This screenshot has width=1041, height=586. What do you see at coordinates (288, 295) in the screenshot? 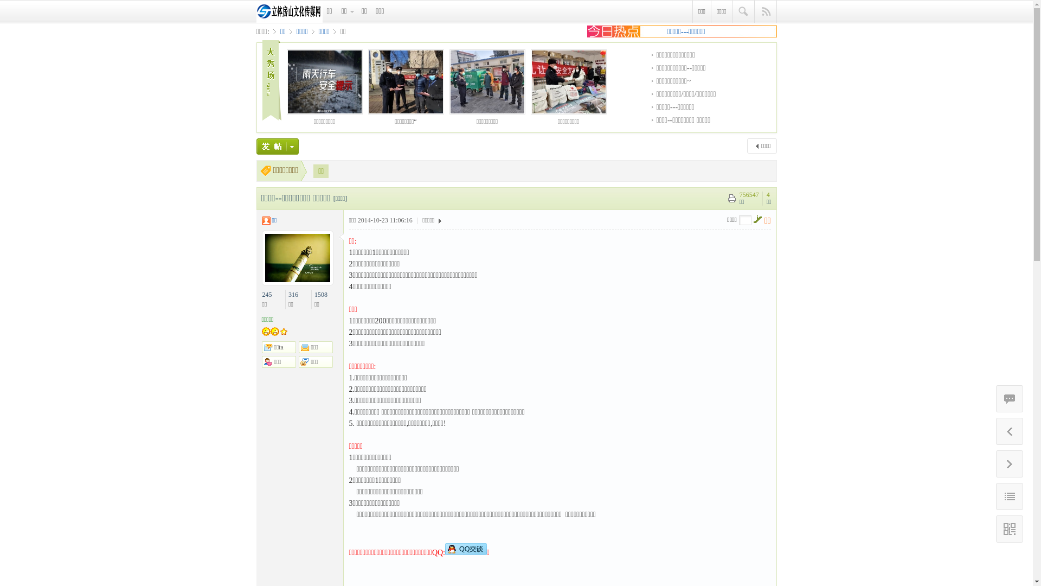
I see `'316'` at bounding box center [288, 295].